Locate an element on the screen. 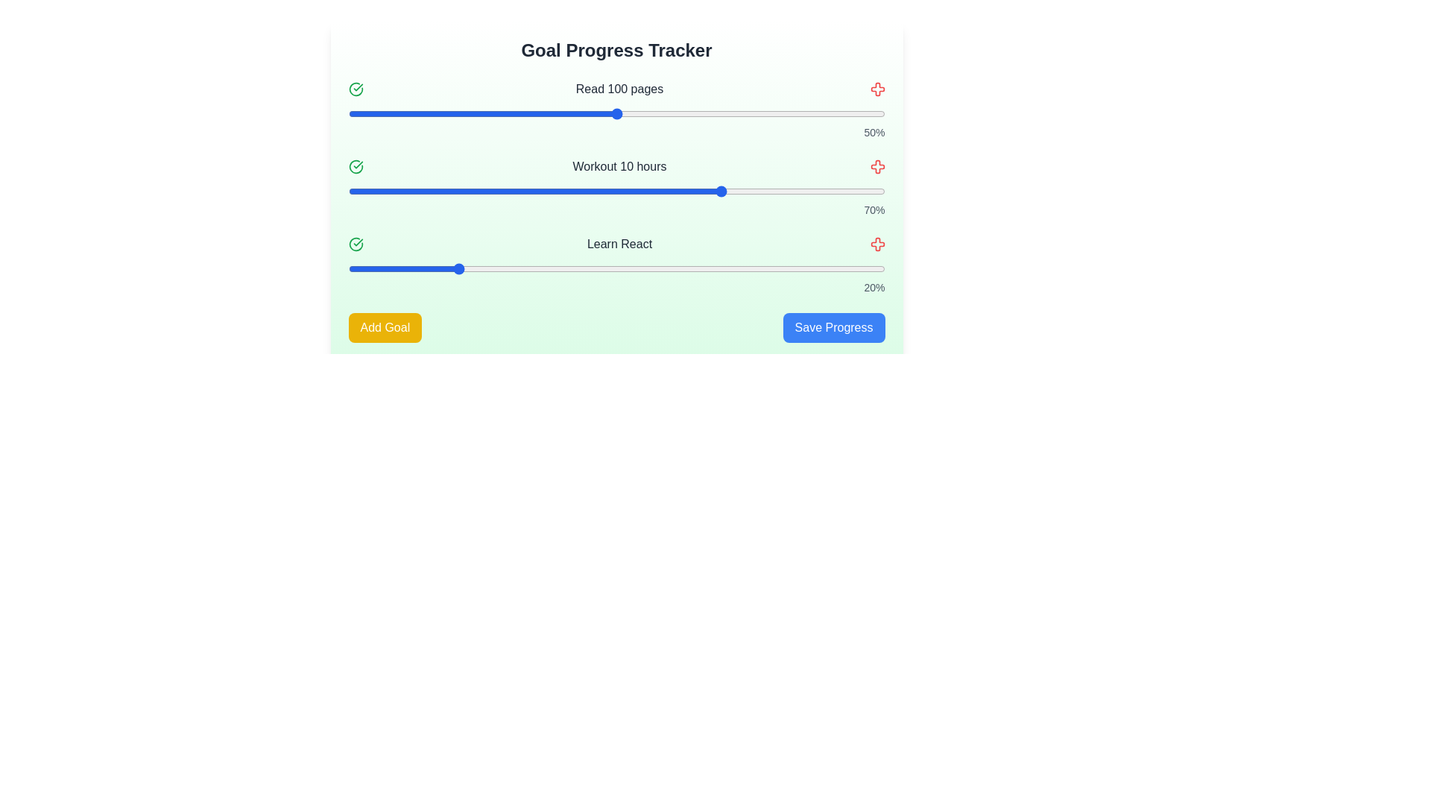  the red cross icon next to the goal titled 'Workout 10 hours' to remove it is located at coordinates (877, 166).